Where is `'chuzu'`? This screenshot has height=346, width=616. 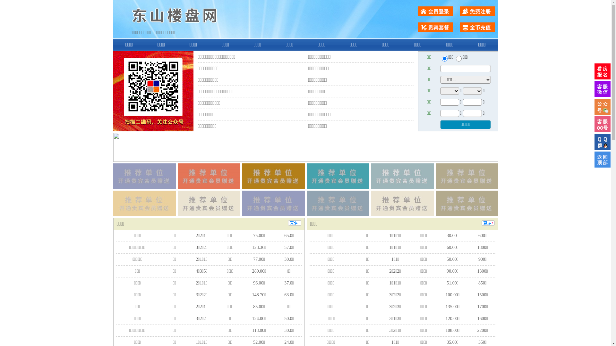 'chuzu' is located at coordinates (458, 58).